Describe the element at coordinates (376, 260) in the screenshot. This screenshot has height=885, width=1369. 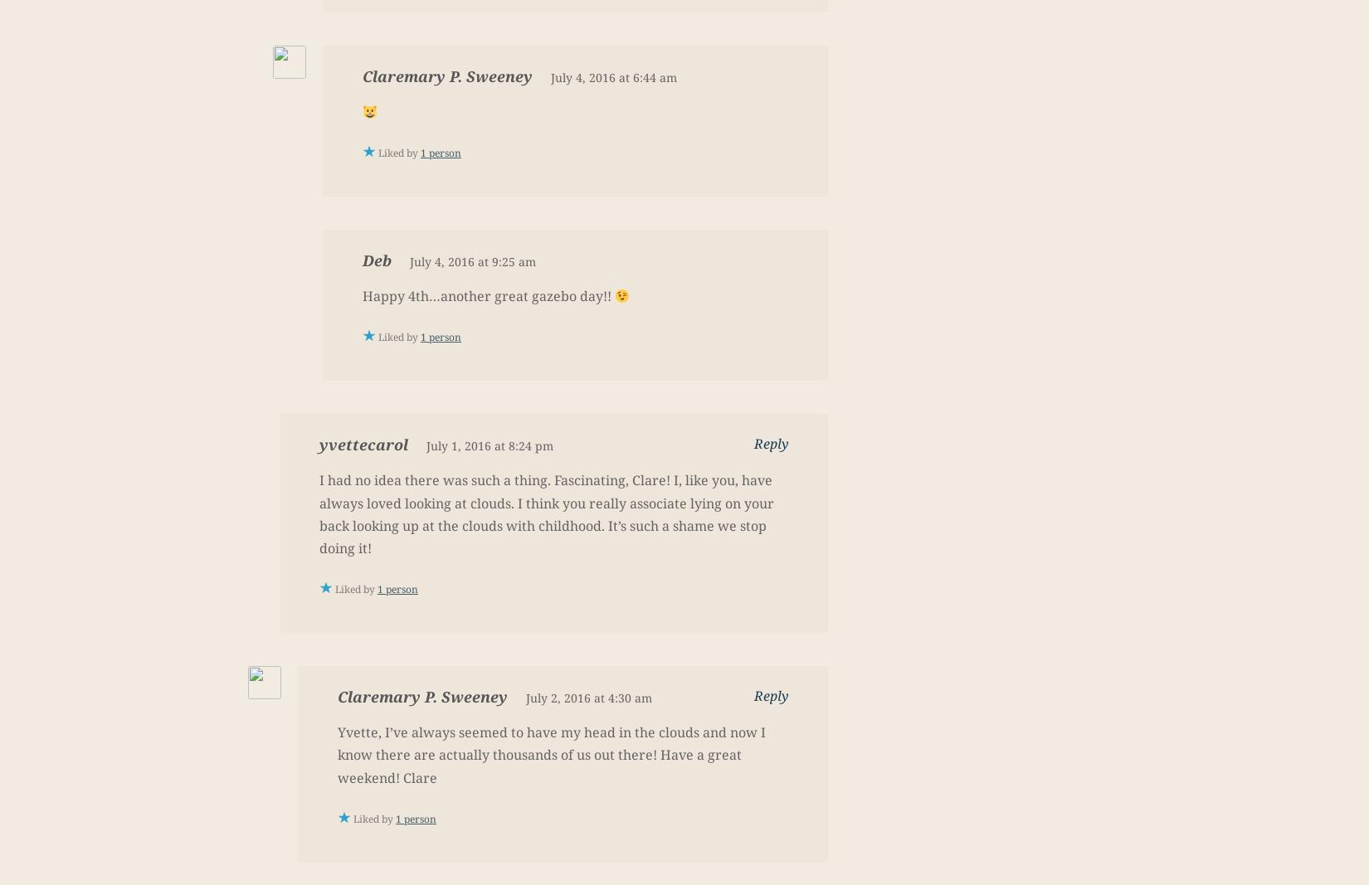
I see `'Deb'` at that location.